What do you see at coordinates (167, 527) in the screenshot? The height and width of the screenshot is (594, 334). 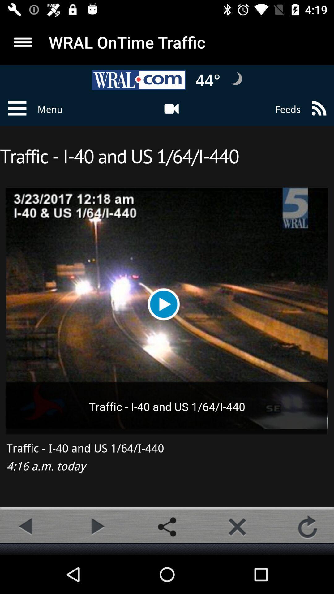 I see `share button` at bounding box center [167, 527].